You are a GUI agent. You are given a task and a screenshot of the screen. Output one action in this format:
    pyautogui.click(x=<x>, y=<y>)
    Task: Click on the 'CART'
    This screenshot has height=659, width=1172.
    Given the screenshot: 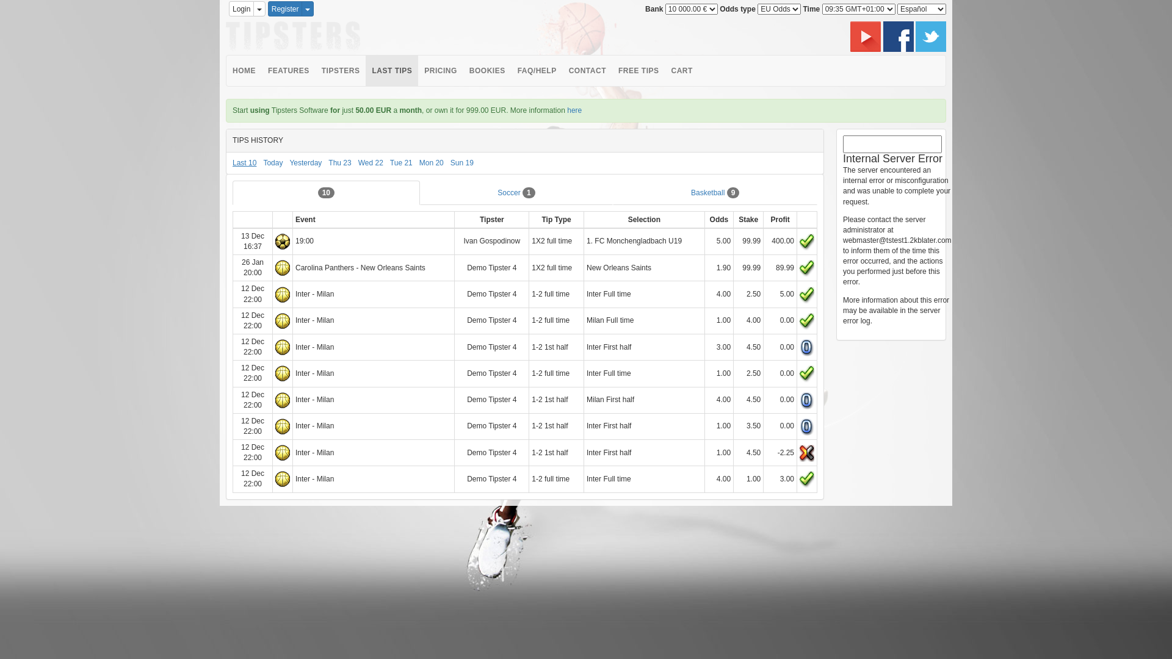 What is the action you would take?
    pyautogui.click(x=681, y=70)
    